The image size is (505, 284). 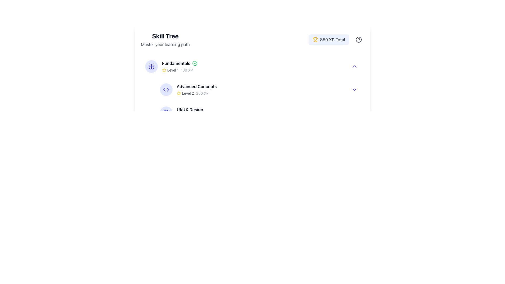 I want to click on the experience points display element, which shows the accumulated XP total for the user, so click(x=336, y=39).